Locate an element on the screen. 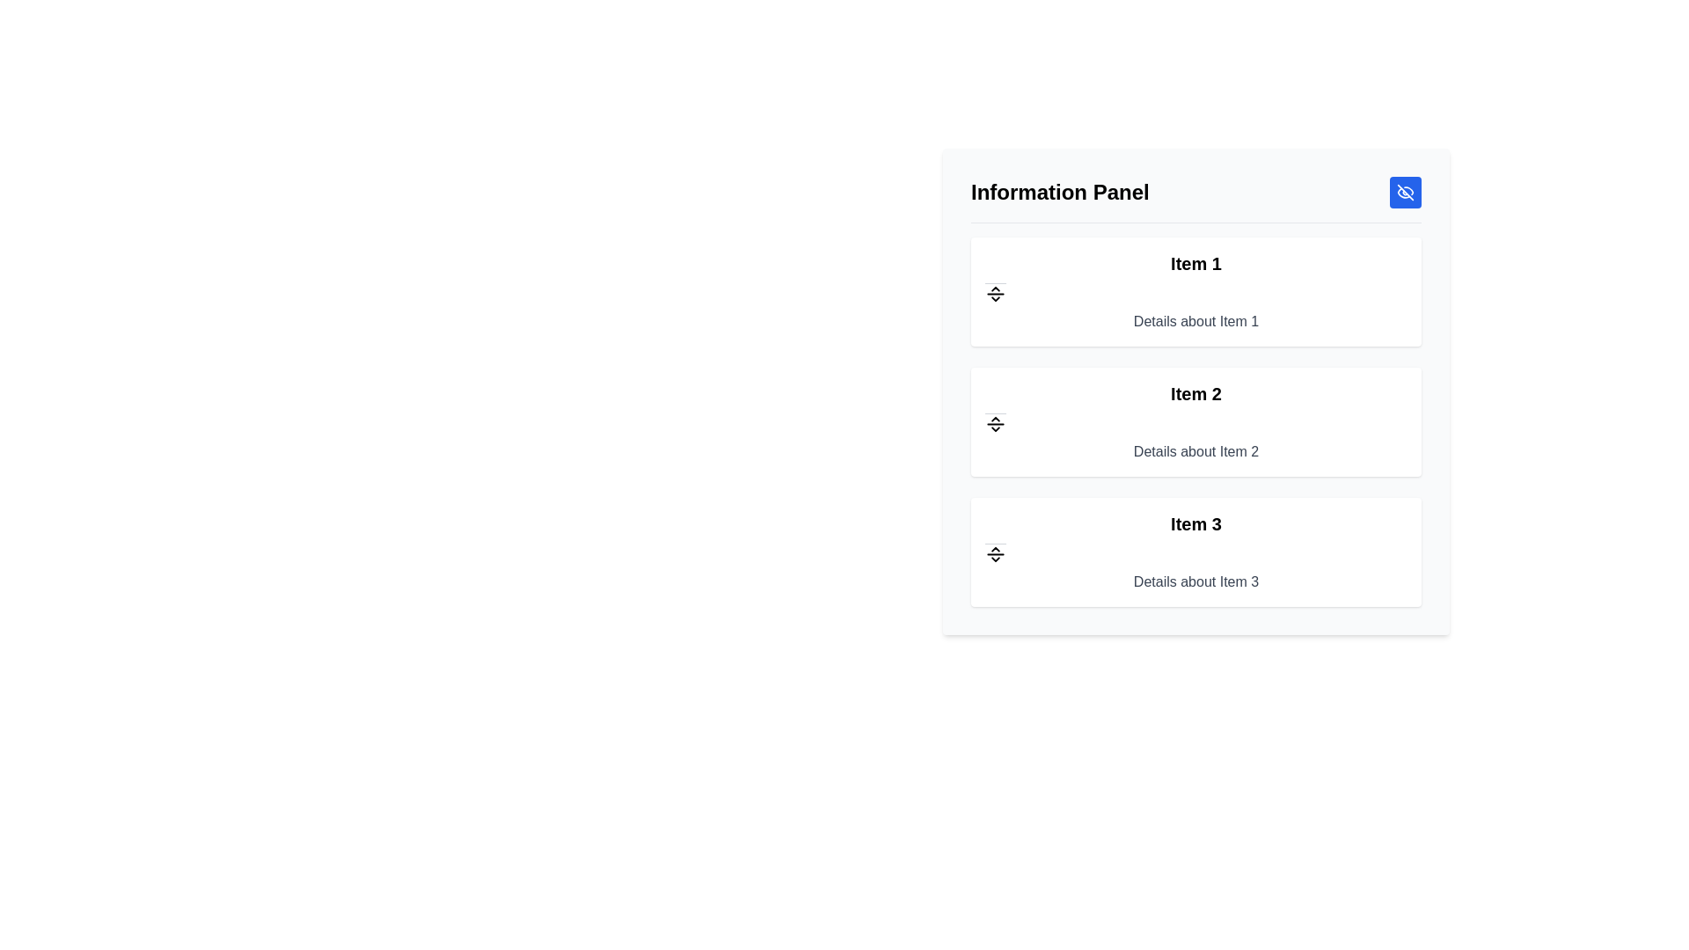 This screenshot has width=1689, height=950. the horizontal separator element located between 'Item 2' and 'Details about Item 2', which features an upward arrow above and a downward arrow below the horizontal line is located at coordinates (996, 424).